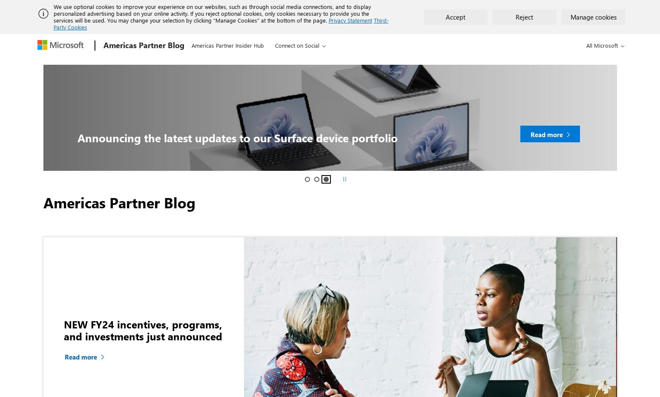 The width and height of the screenshot is (660, 397). Describe the element at coordinates (250, 178) in the screenshot. I see `'Microsoft partners innovate to help meet the evolving needs of students and educators'` at that location.